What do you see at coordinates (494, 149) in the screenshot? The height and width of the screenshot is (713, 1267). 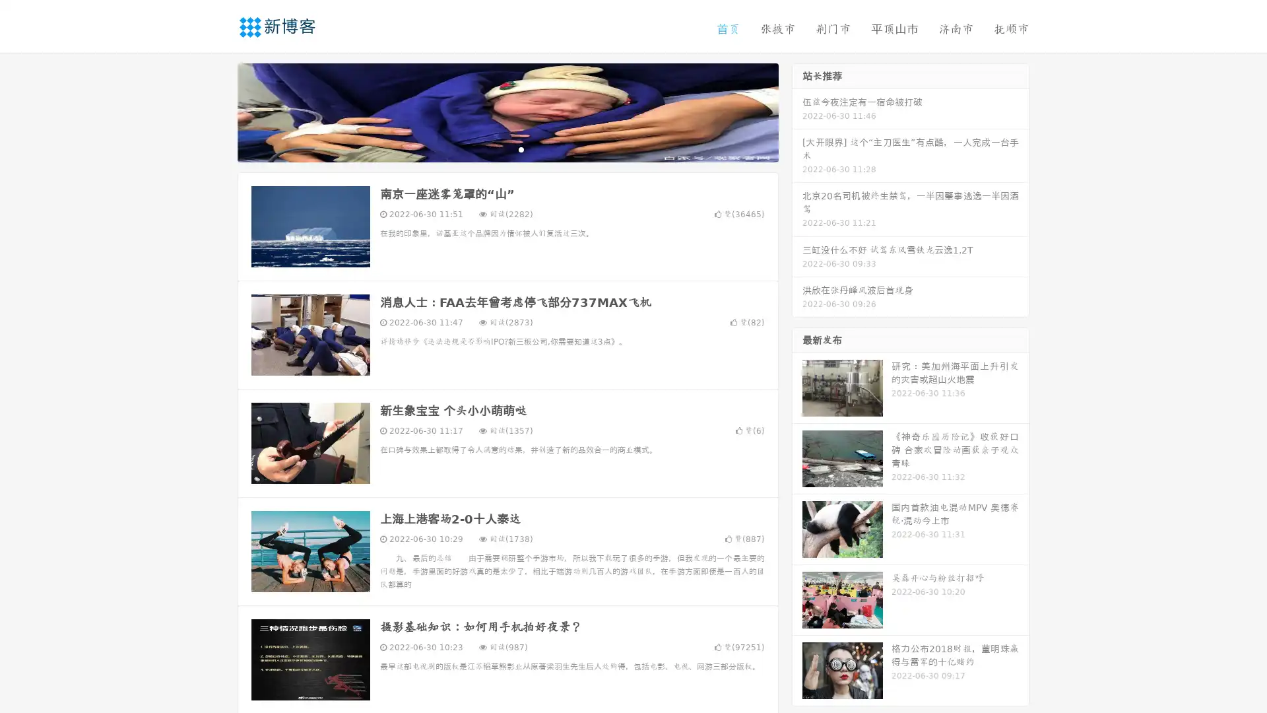 I see `Go to slide 1` at bounding box center [494, 149].